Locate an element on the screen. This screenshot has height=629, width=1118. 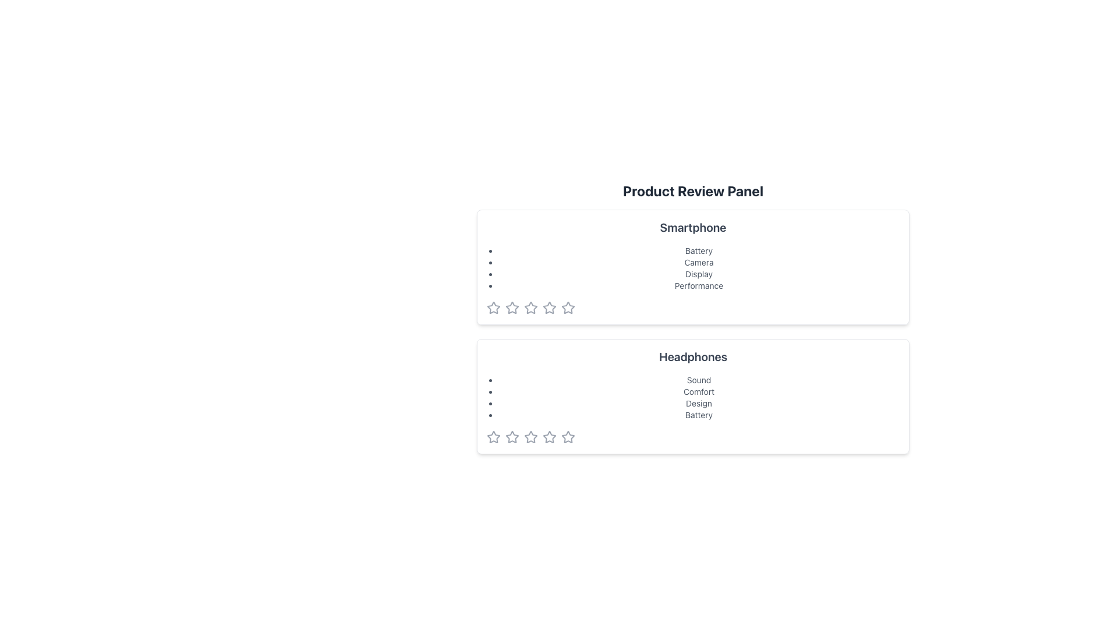
the fifth star icon in the rating system under the 'Headphones' section is located at coordinates (568, 437).